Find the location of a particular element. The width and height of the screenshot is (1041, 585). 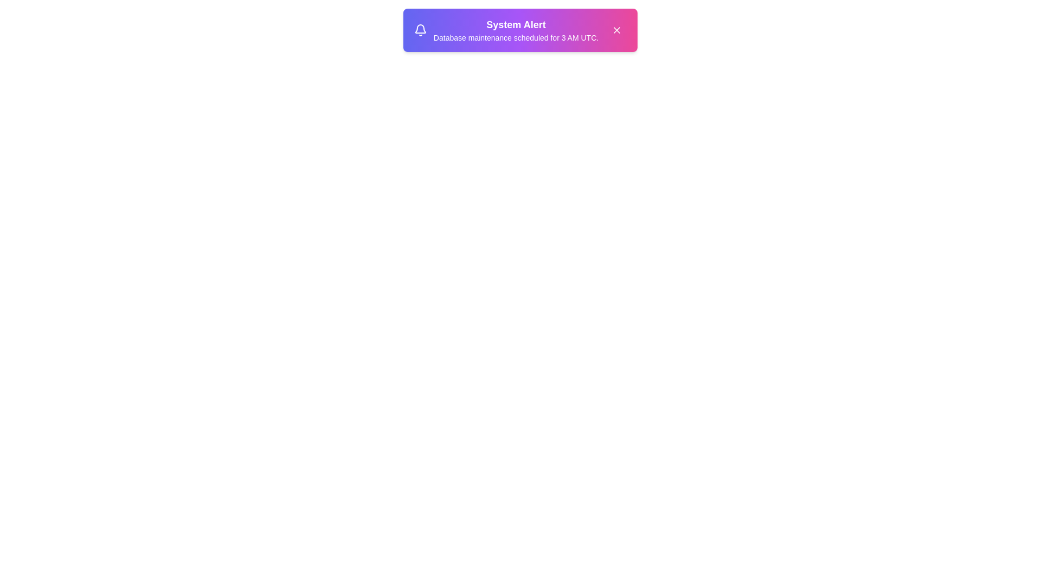

the close button to dismiss the notification is located at coordinates (616, 30).